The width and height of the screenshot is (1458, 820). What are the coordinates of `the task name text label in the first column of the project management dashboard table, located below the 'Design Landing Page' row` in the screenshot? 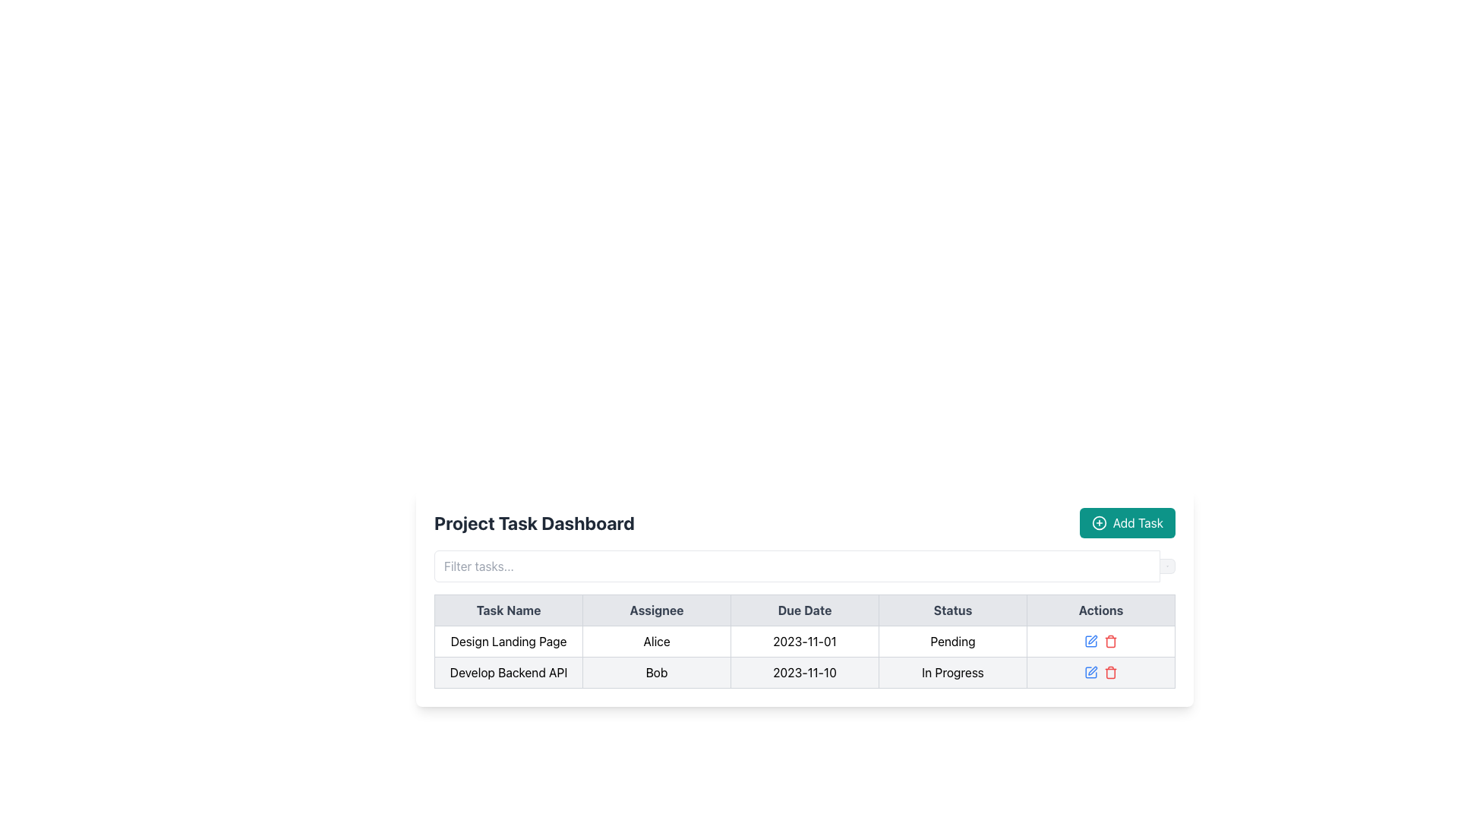 It's located at (509, 672).